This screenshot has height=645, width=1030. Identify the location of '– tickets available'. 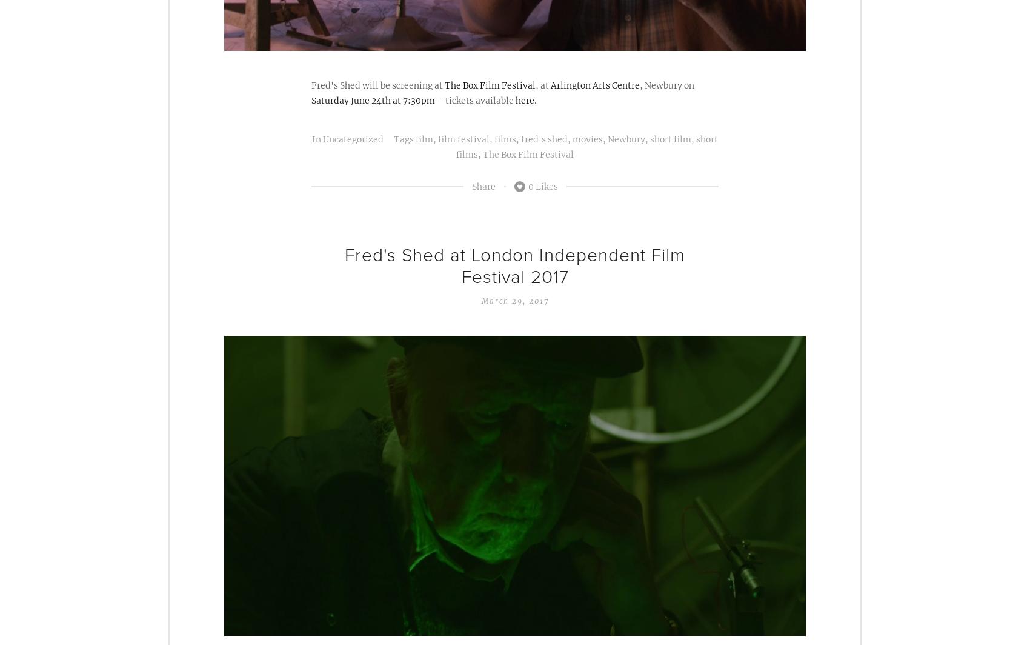
(474, 100).